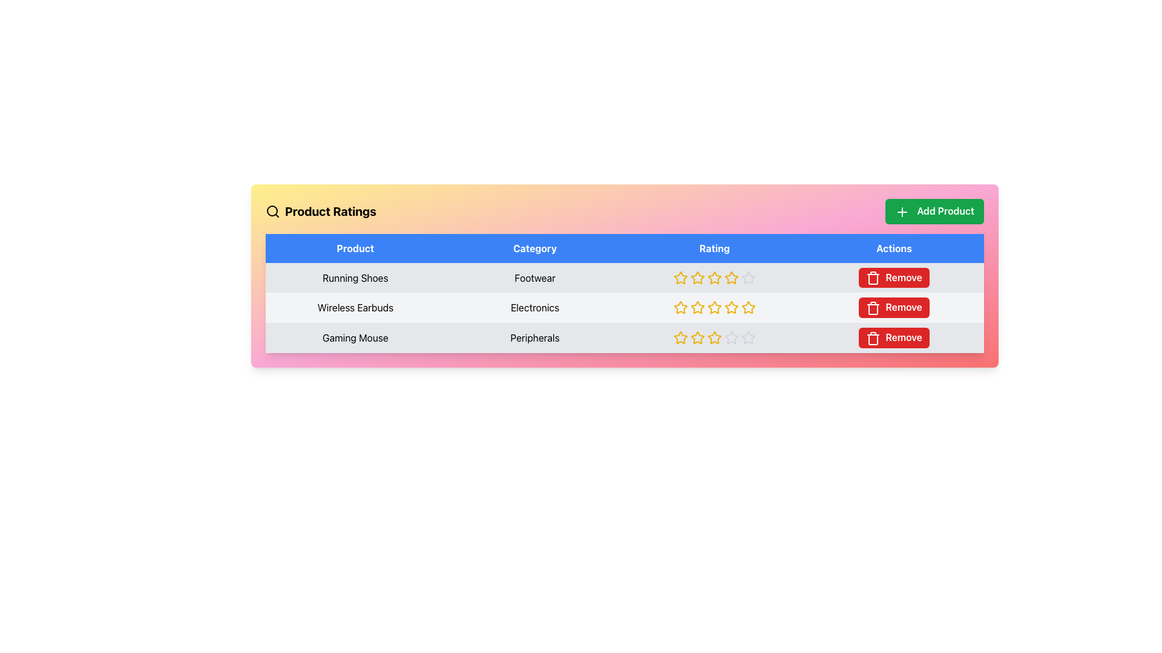  Describe the element at coordinates (714, 307) in the screenshot. I see `the non-interactive Rating display element located in the third column of the second row of the product table, which visually displays the rating of an item` at that location.